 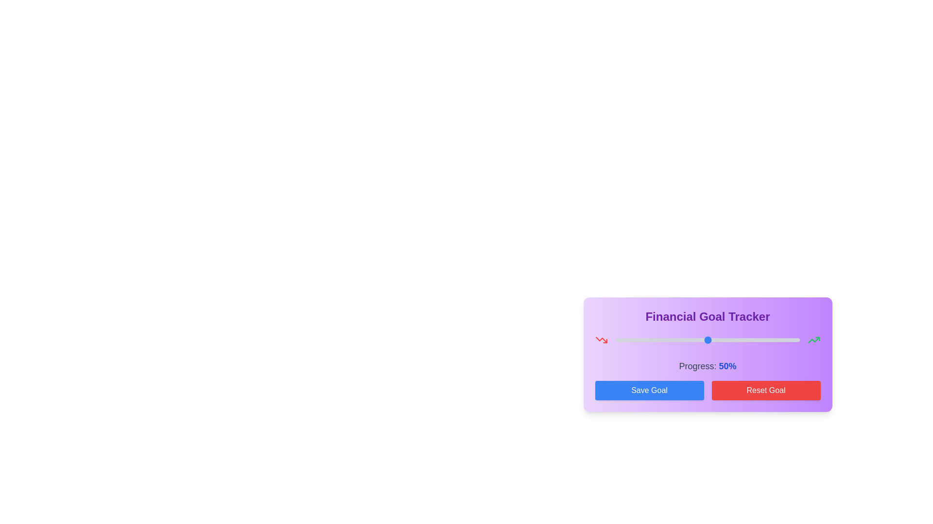 I want to click on the progress slider to 73%, so click(x=749, y=340).